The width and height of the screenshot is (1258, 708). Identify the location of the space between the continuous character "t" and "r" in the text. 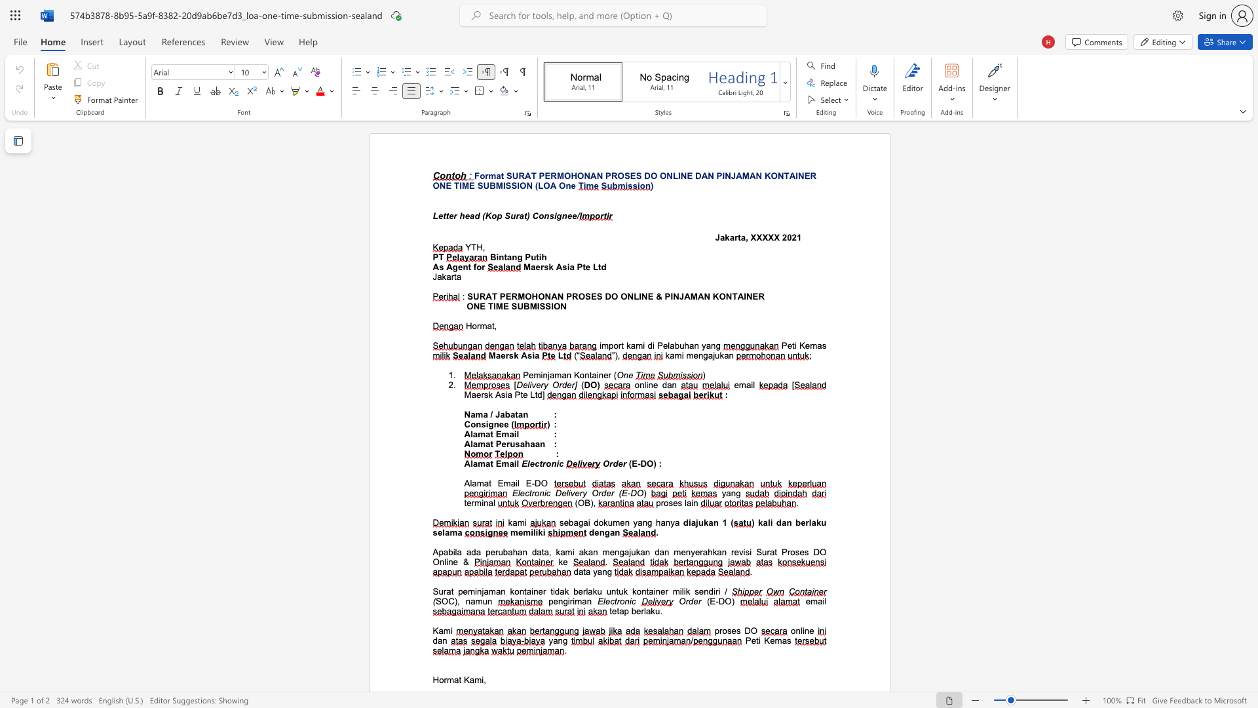
(616, 601).